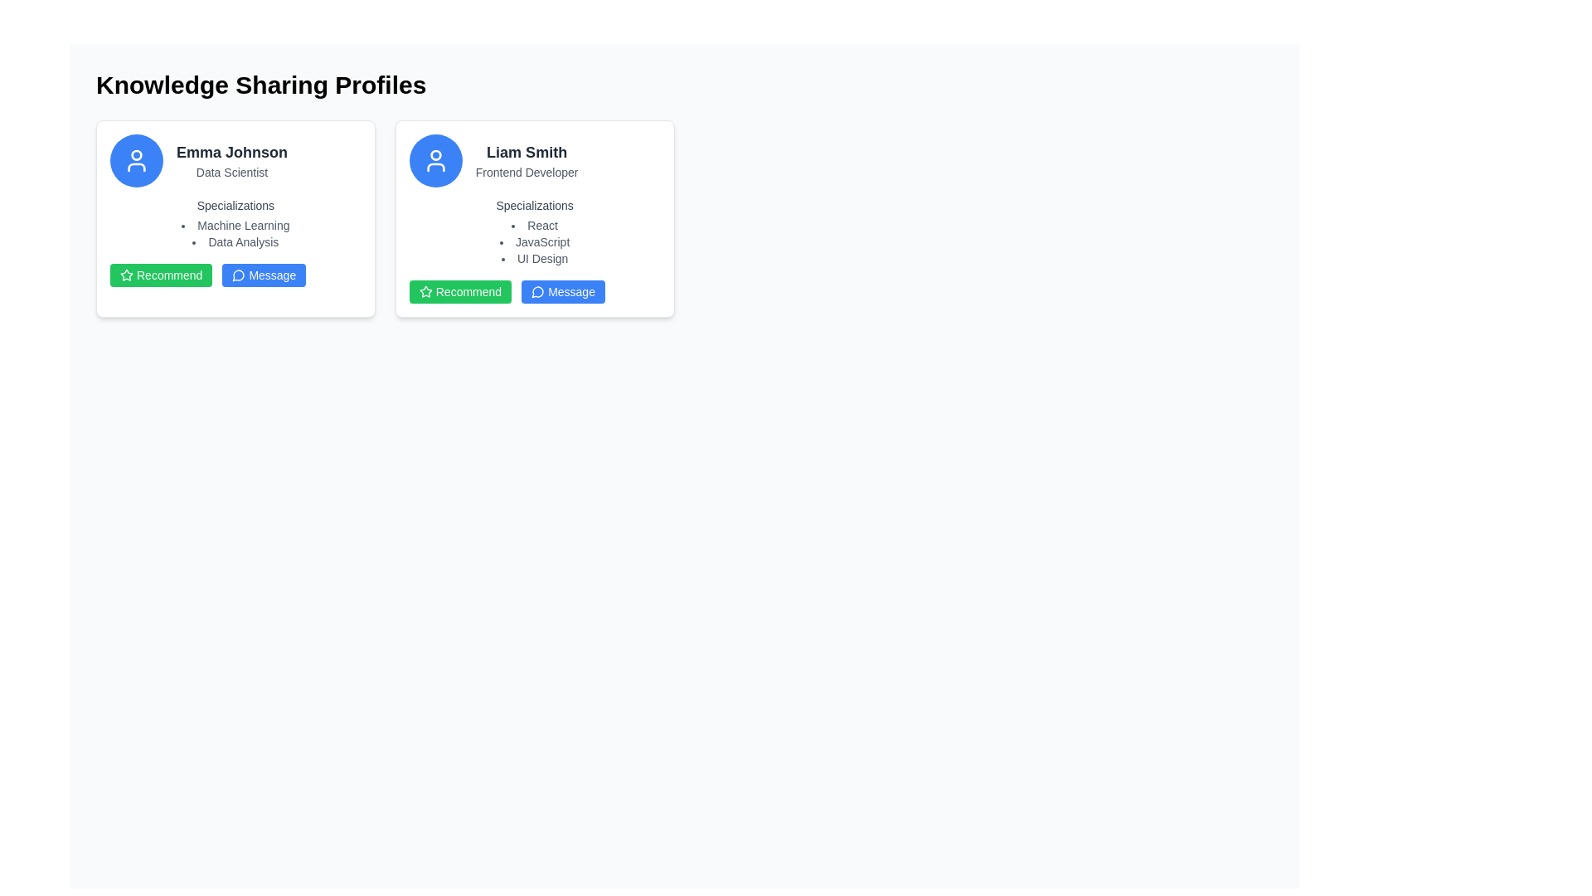 The height and width of the screenshot is (896, 1592). Describe the element at coordinates (136, 167) in the screenshot. I see `the lower body part of the user silhouette icon located in the top-left corner of the left profile card above 'Emma Johnson' text` at that location.